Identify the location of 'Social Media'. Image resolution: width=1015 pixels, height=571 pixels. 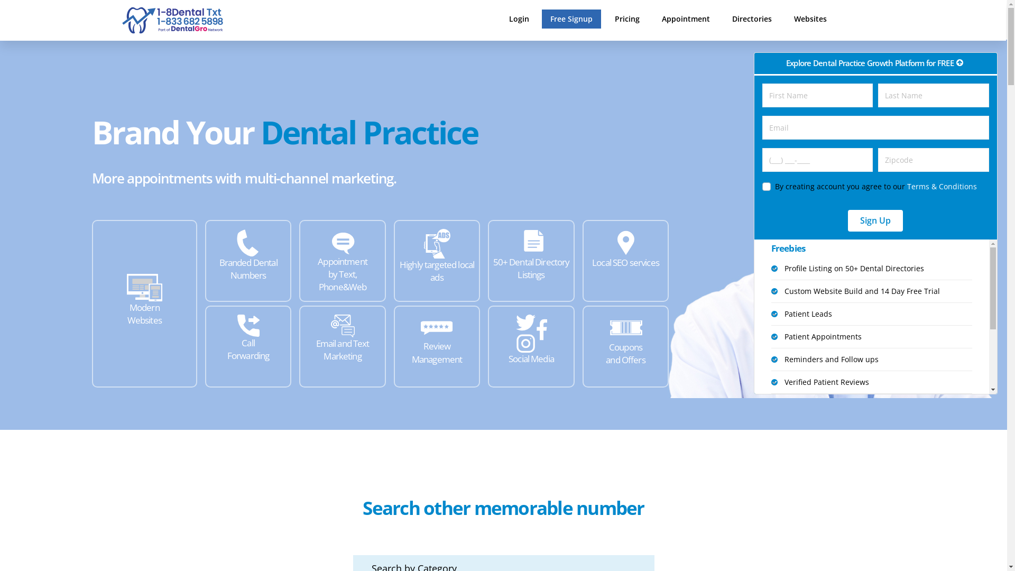
(487, 346).